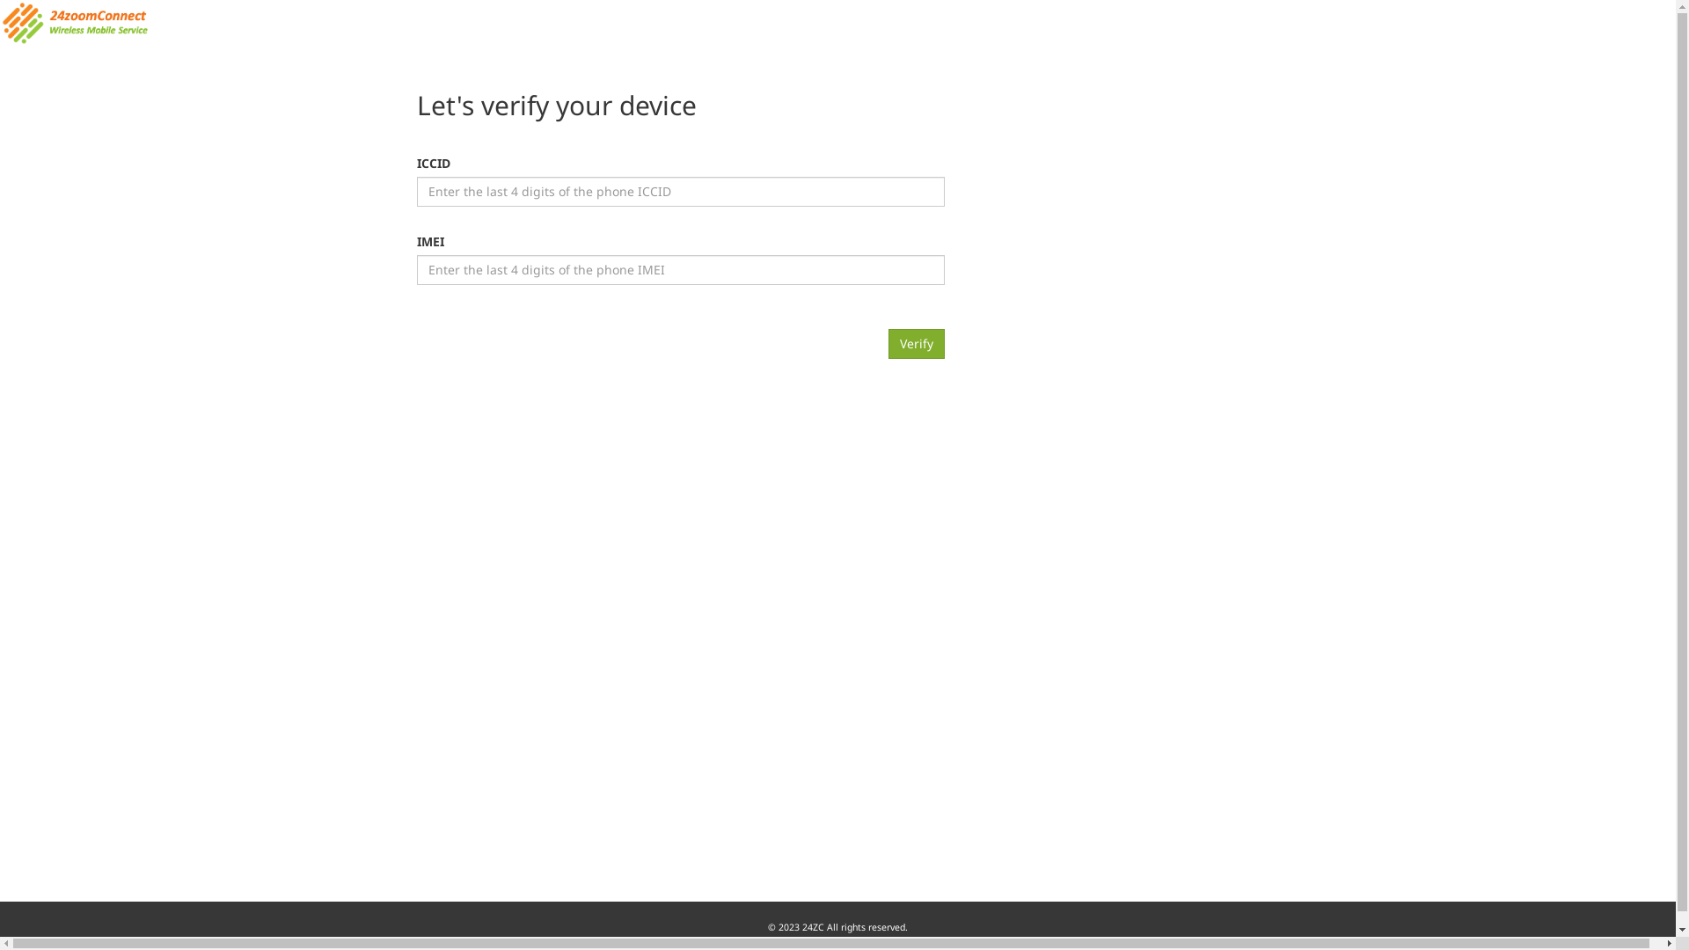  What do you see at coordinates (915, 343) in the screenshot?
I see `'Verify'` at bounding box center [915, 343].